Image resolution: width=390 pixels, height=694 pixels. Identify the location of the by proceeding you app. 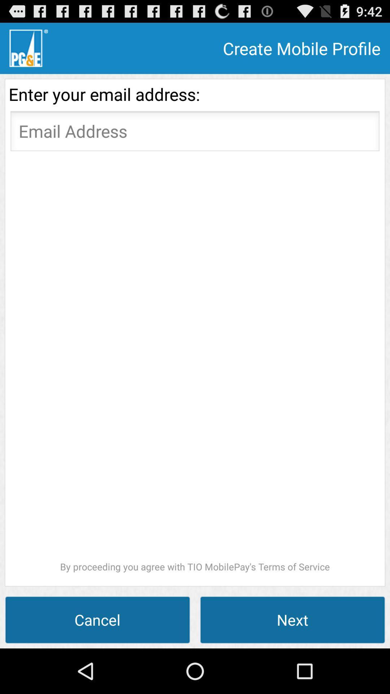
(195, 364).